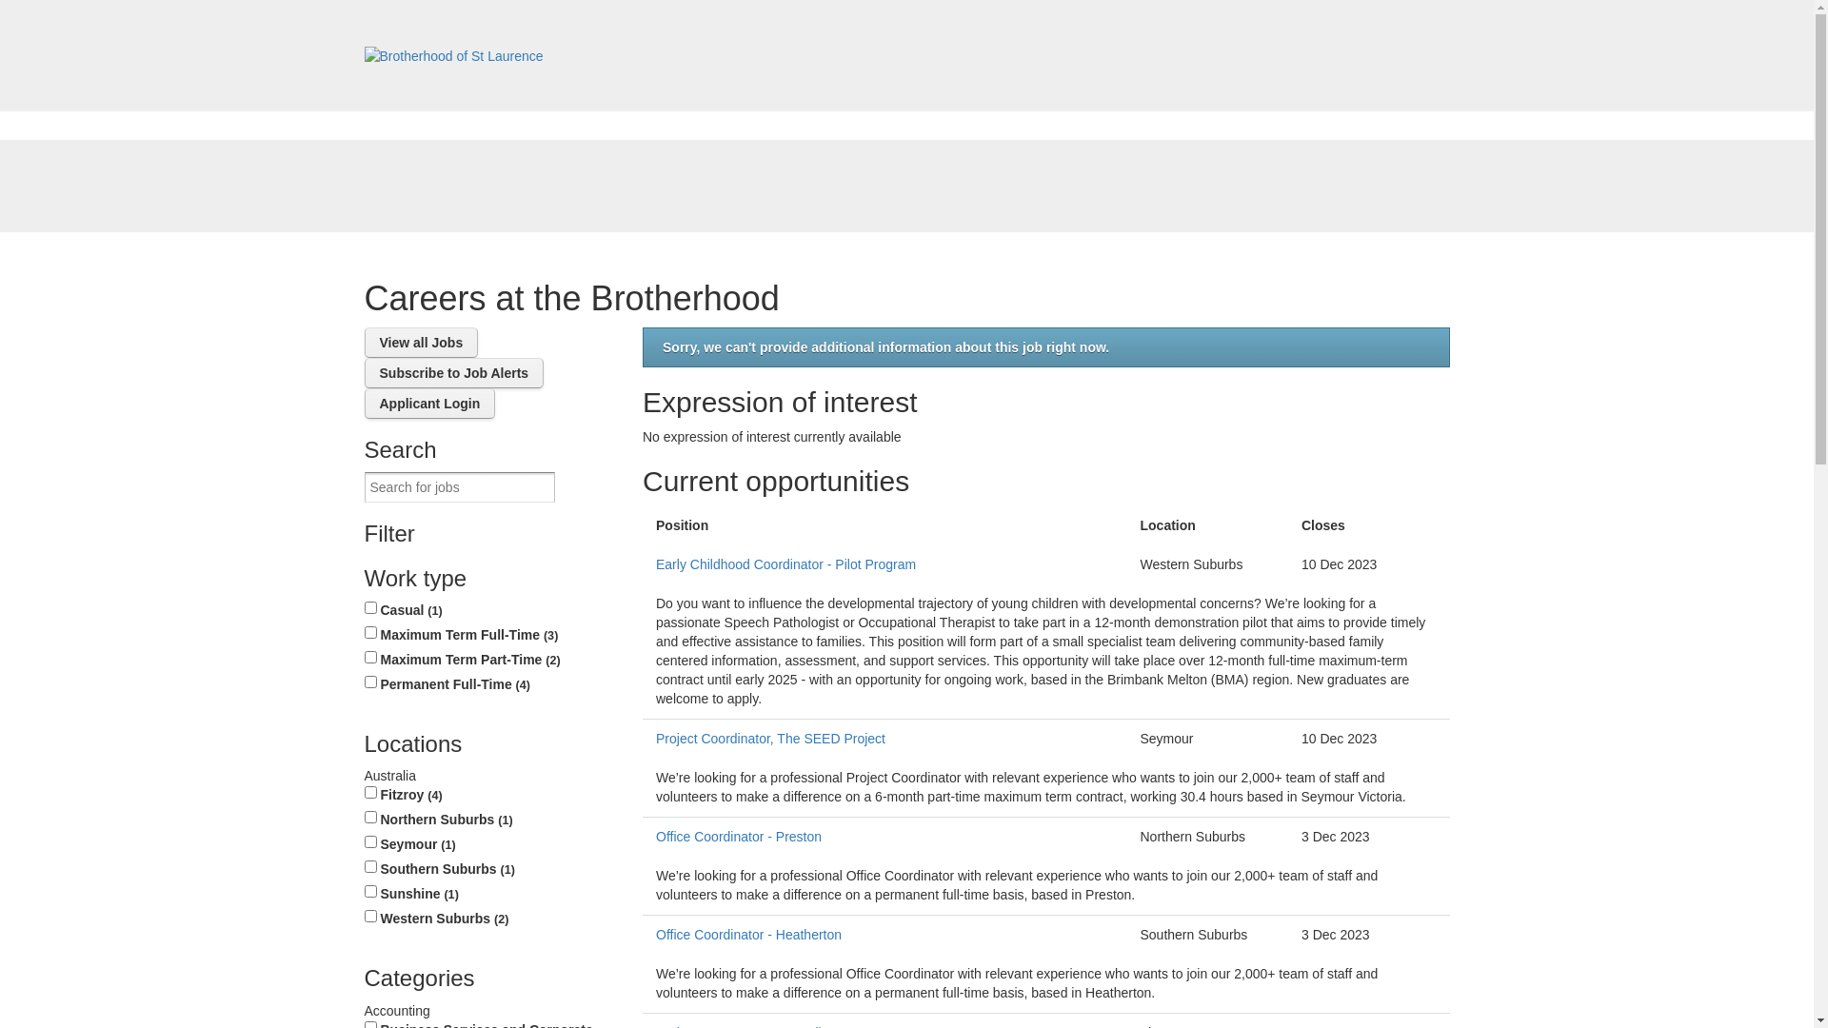 The image size is (1828, 1028). Describe the element at coordinates (419, 341) in the screenshot. I see `'View all Jobs'` at that location.